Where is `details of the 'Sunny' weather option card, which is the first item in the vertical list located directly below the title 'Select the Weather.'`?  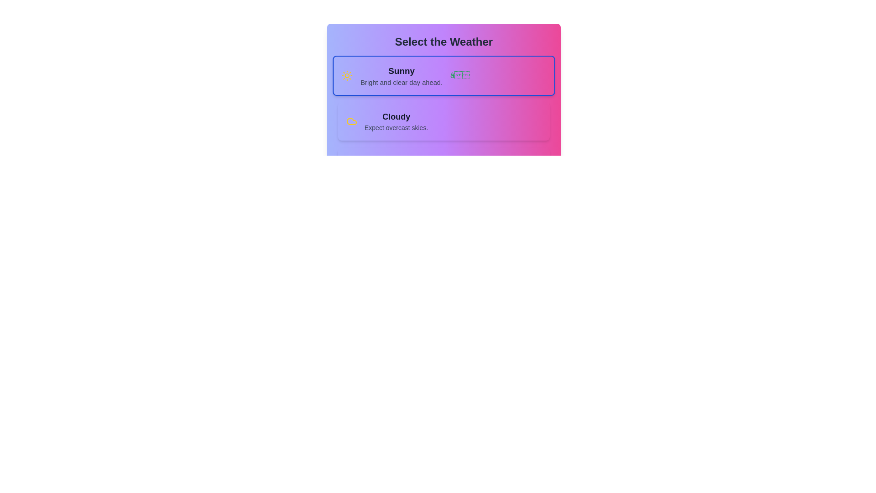 details of the 'Sunny' weather option card, which is the first item in the vertical list located directly below the title 'Select the Weather.' is located at coordinates (444, 75).